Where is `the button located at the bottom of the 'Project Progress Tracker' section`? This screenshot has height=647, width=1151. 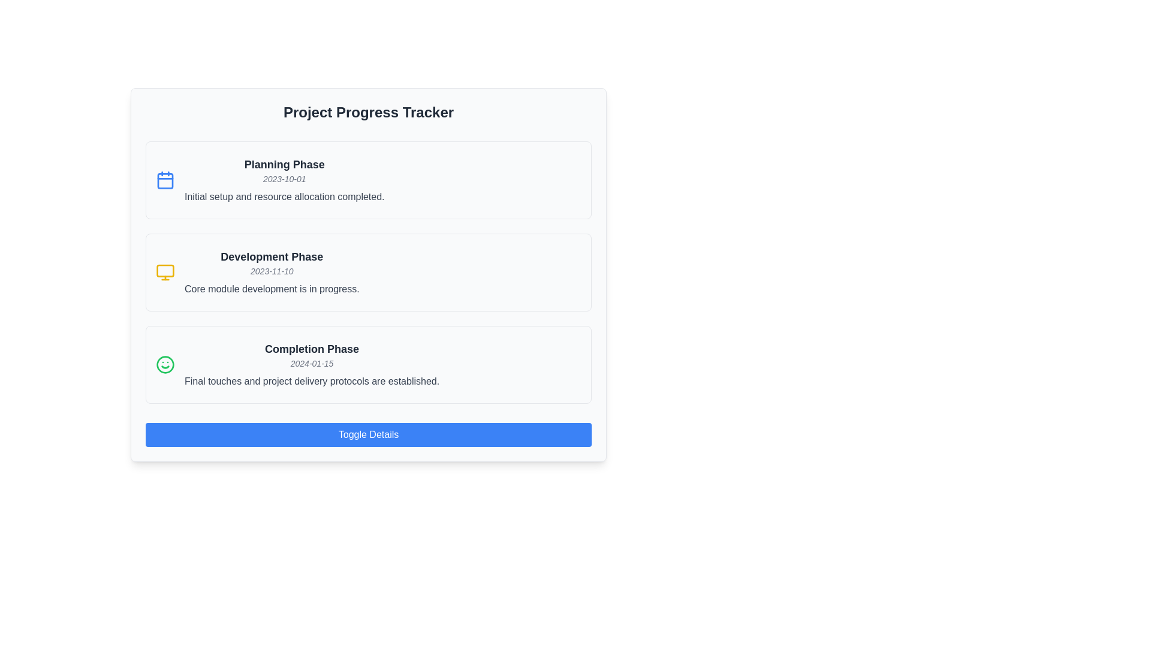 the button located at the bottom of the 'Project Progress Tracker' section is located at coordinates (367, 434).